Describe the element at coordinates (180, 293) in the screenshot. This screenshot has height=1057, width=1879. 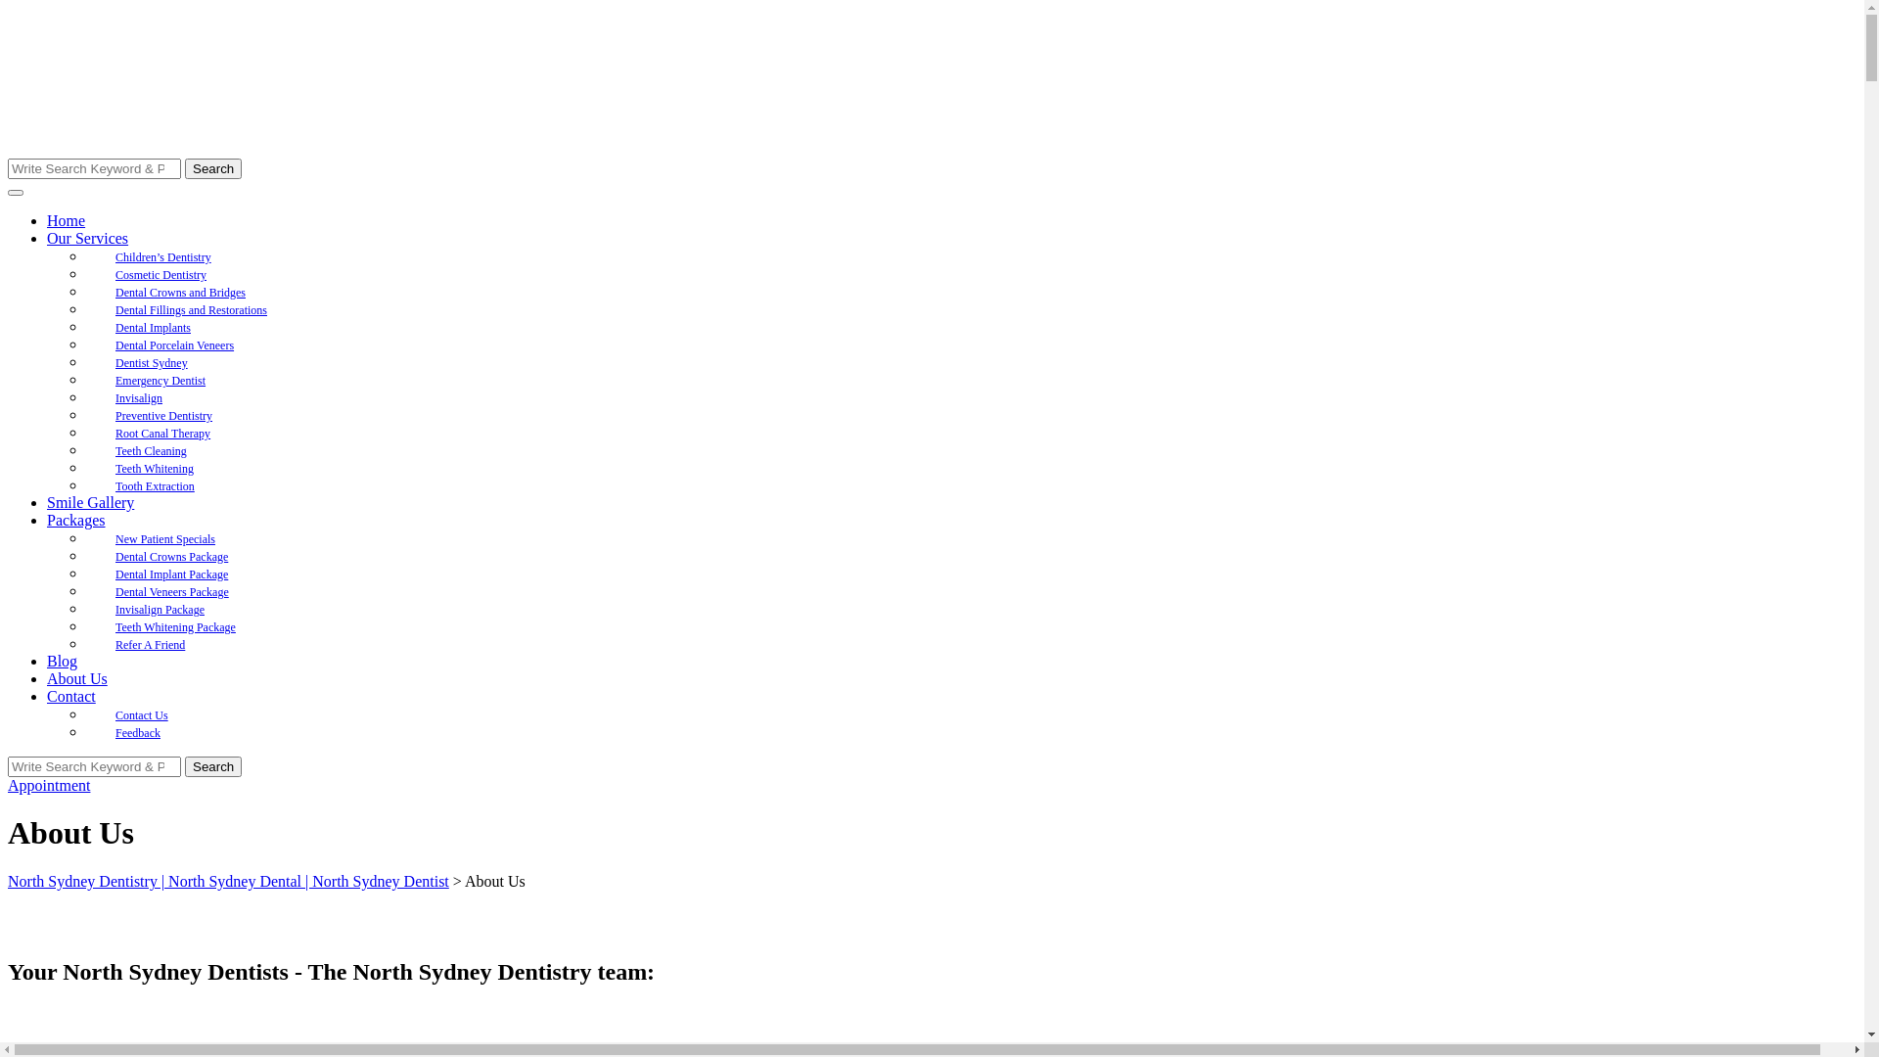
I see `'Dental Crowns and Bridges'` at that location.